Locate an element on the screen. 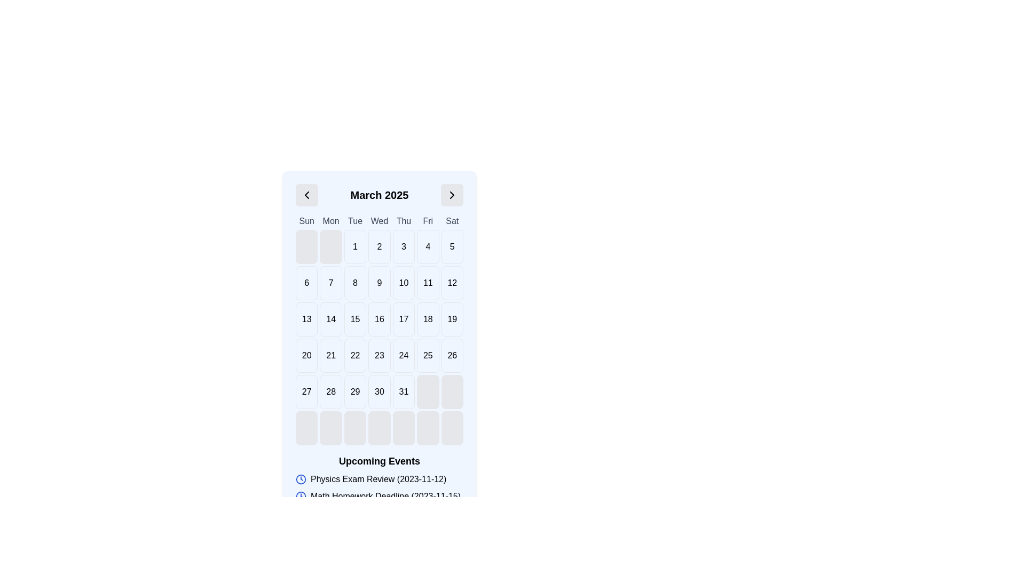  the date cell representing '28' is located at coordinates (330, 392).